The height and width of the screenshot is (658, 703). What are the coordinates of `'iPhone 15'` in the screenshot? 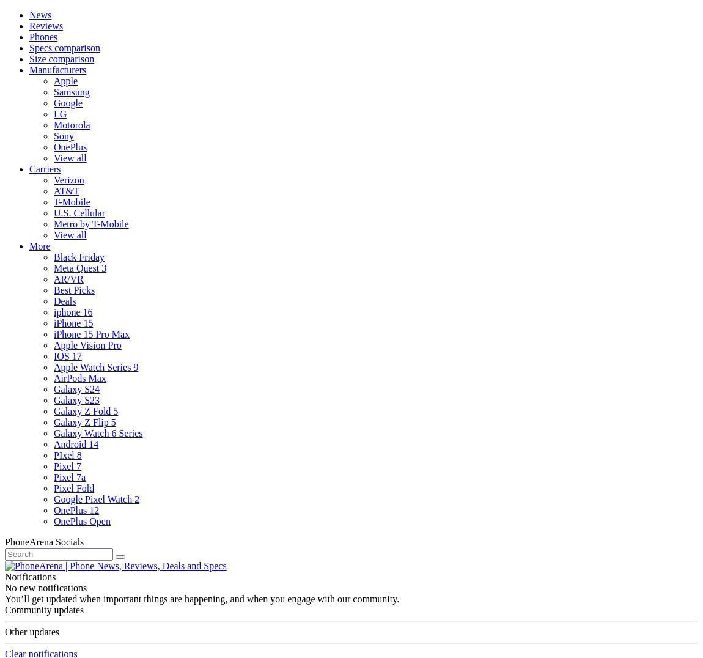 It's located at (53, 323).